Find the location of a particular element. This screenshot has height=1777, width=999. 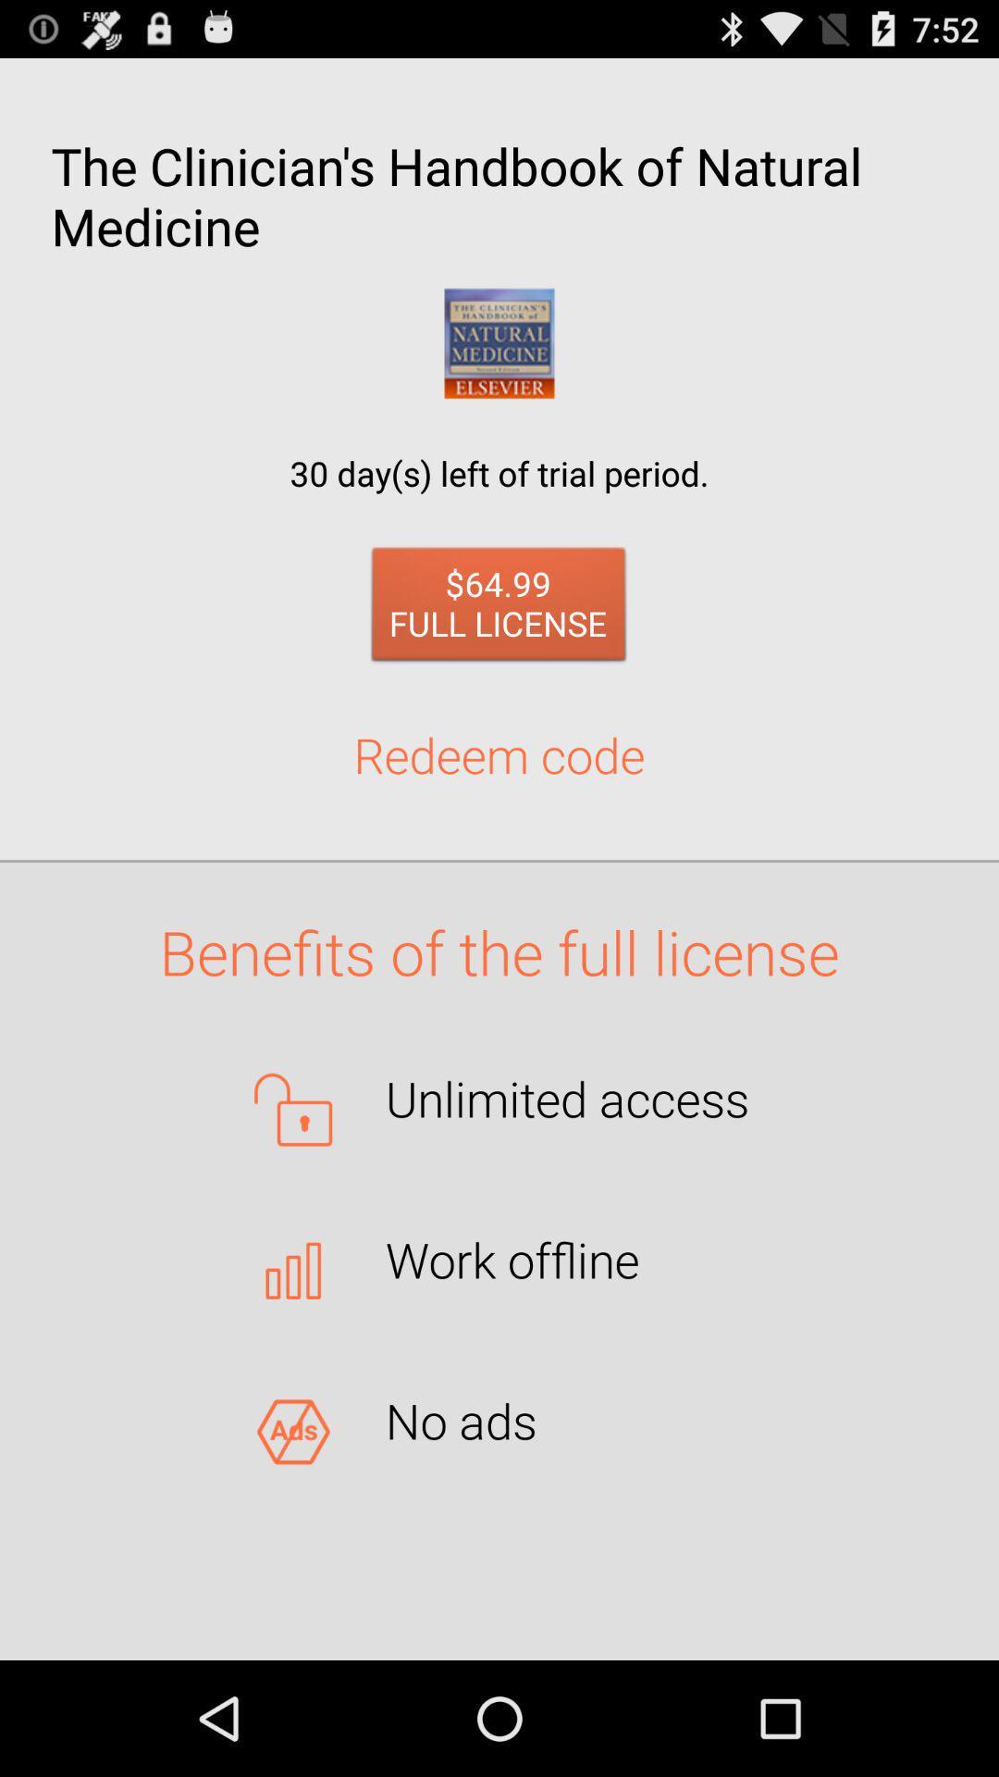

the 64 99 full item is located at coordinates (498, 609).